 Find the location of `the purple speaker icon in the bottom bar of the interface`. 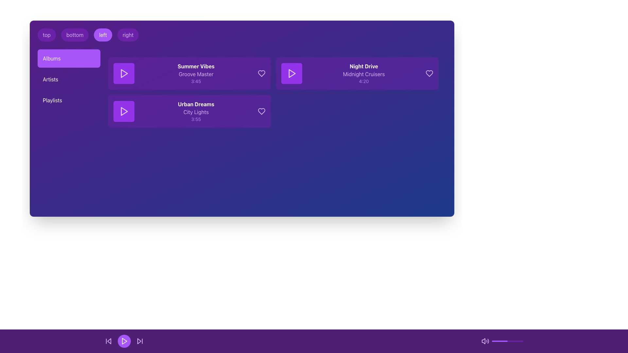

the purple speaker icon in the bottom bar of the interface is located at coordinates (485, 341).